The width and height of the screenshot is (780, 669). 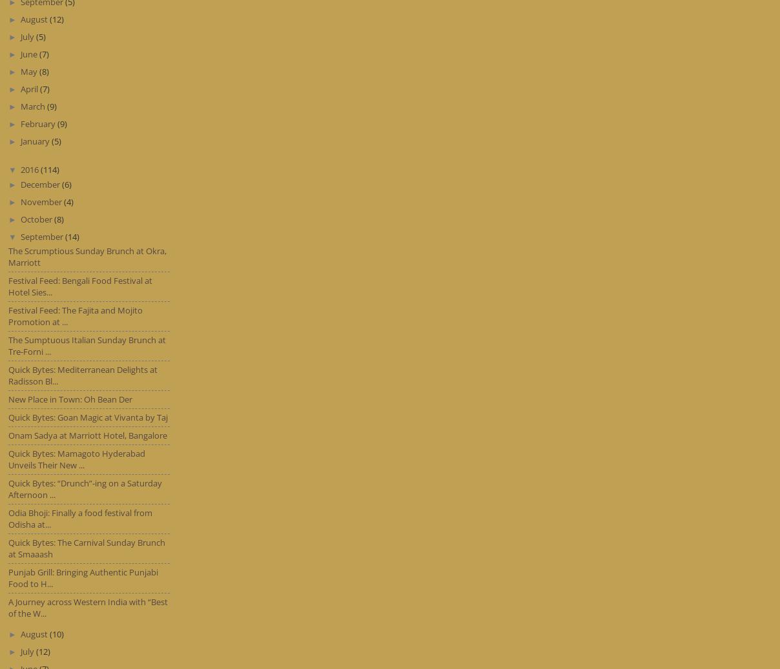 I want to click on 'Quick Bytes: “Drunch”-ing on a Saturday Afternoon ...', so click(x=85, y=489).